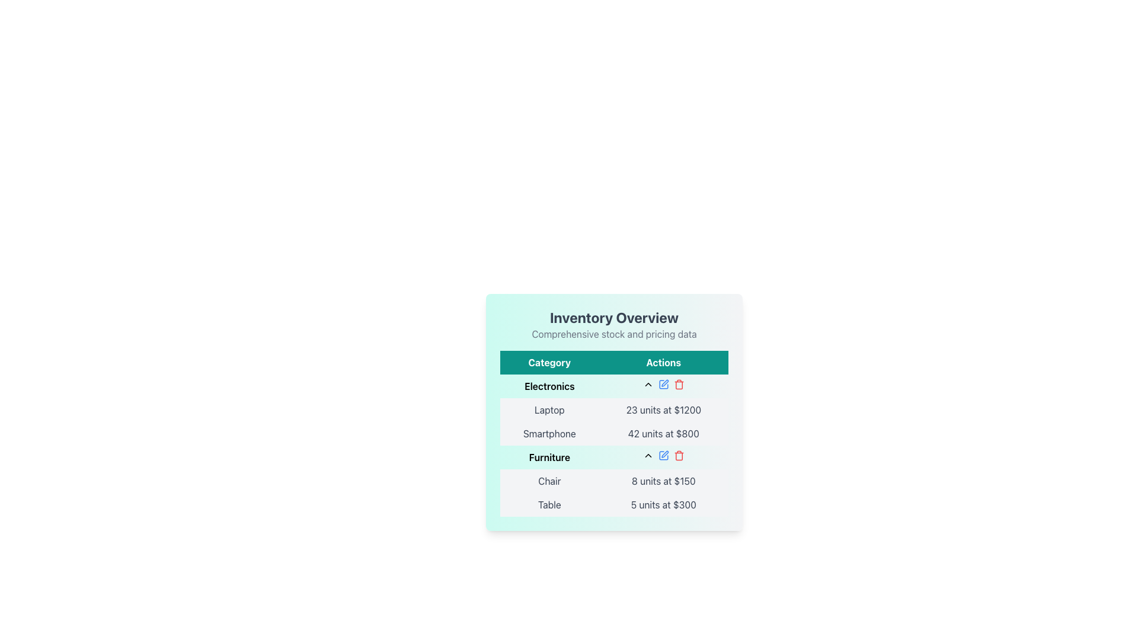 This screenshot has height=640, width=1138. What do you see at coordinates (663, 409) in the screenshot?
I see `the text label displaying '23 units at $1200', which is located under the 'Laptop' row in the 'Electronics' category` at bounding box center [663, 409].